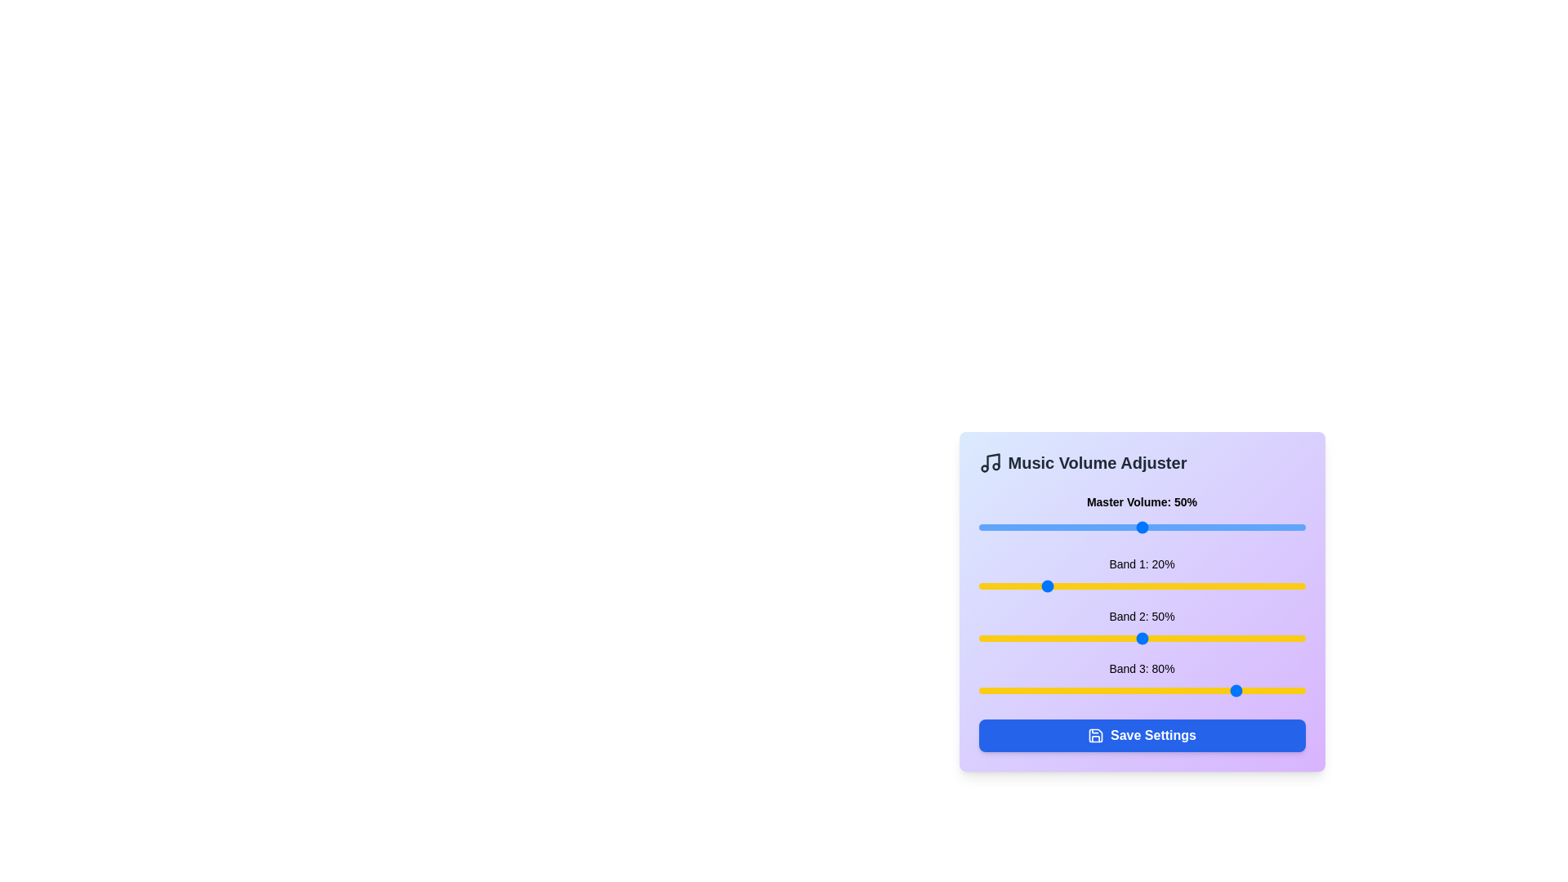  Describe the element at coordinates (1141, 575) in the screenshot. I see `the volume slider for 'Band 1' to set a value, which is the first slider below the 'Music Volume Adjuster' header` at that location.